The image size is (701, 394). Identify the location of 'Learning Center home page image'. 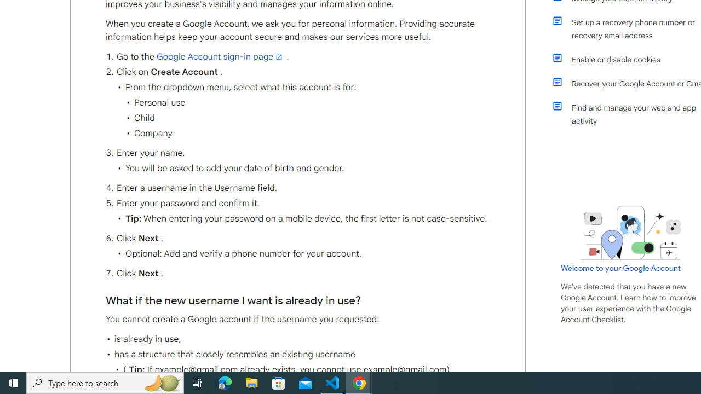
(631, 232).